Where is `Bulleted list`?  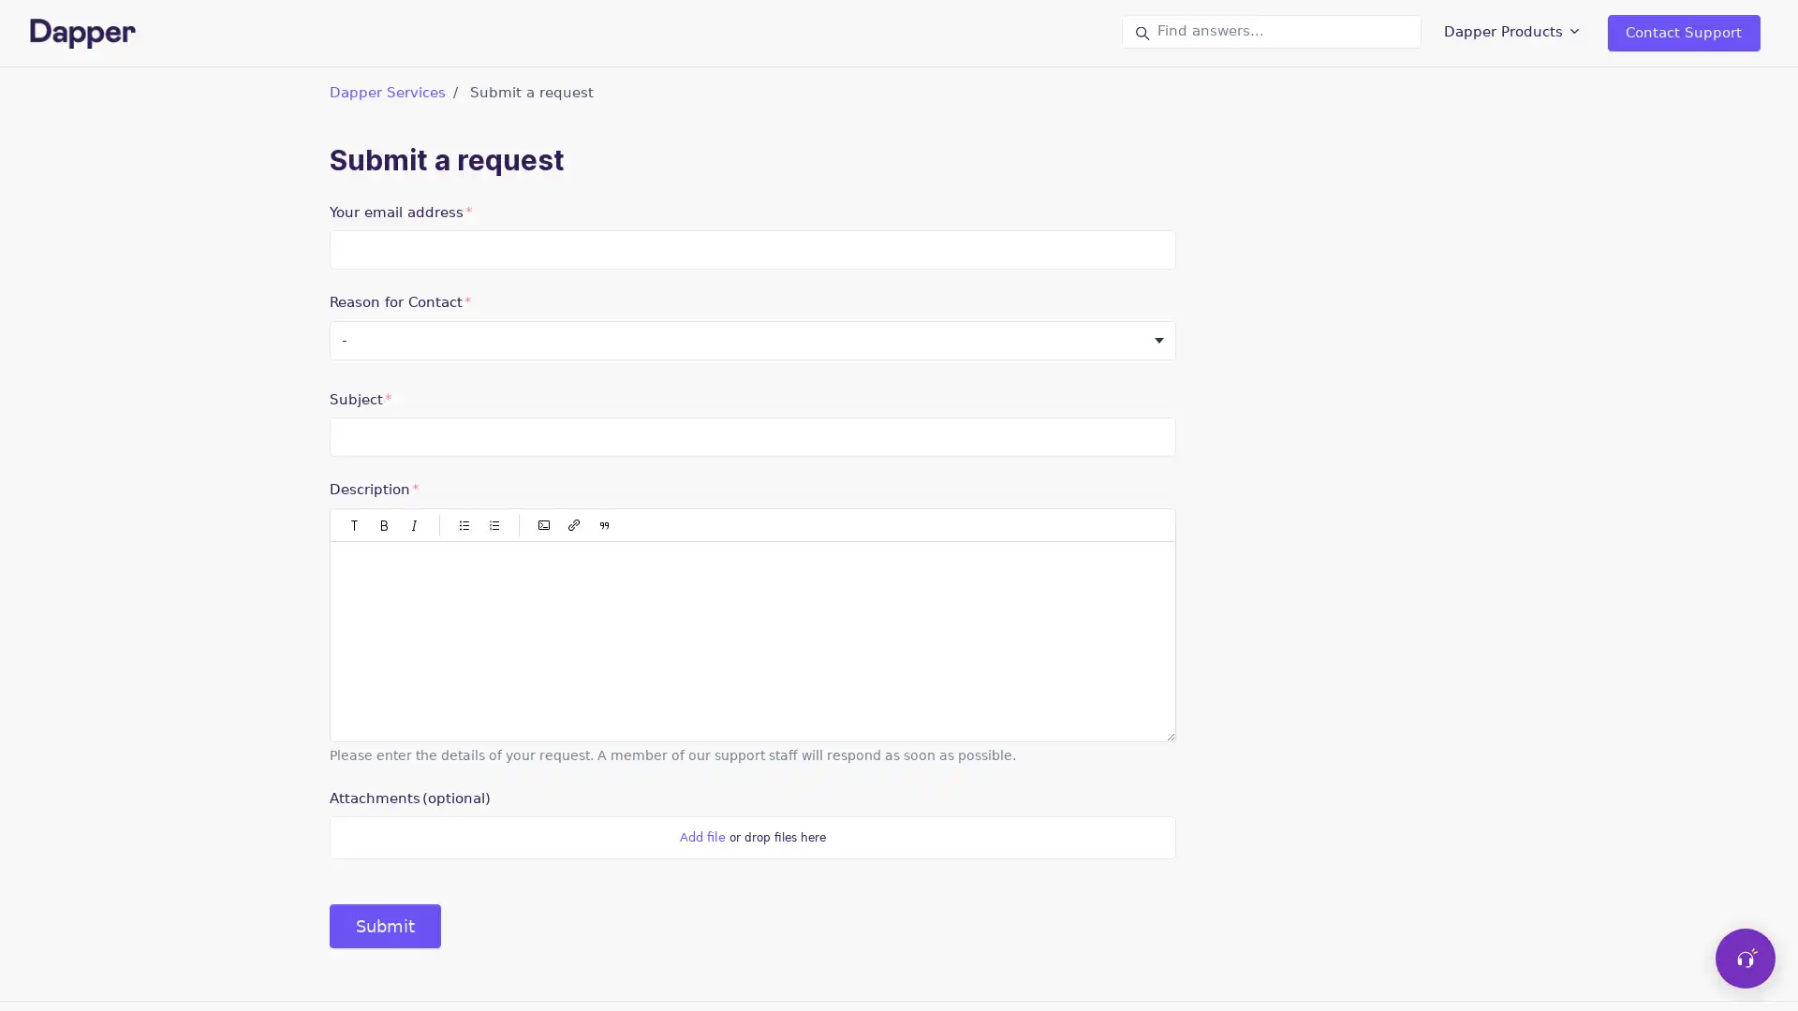 Bulleted list is located at coordinates (464, 524).